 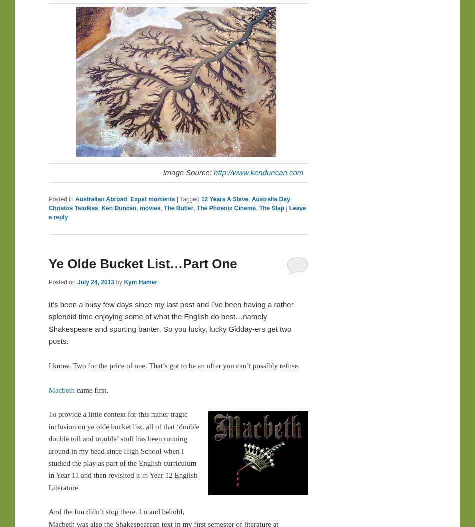 What do you see at coordinates (251, 199) in the screenshot?
I see `'Australia Day'` at bounding box center [251, 199].